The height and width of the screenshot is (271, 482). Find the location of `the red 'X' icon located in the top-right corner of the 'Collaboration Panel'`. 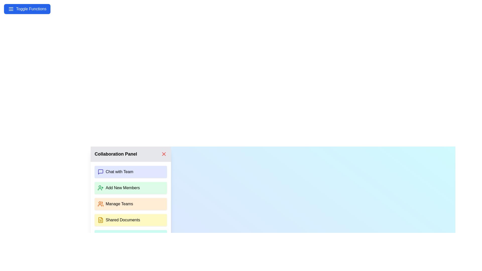

the red 'X' icon located in the top-right corner of the 'Collaboration Panel' is located at coordinates (164, 154).